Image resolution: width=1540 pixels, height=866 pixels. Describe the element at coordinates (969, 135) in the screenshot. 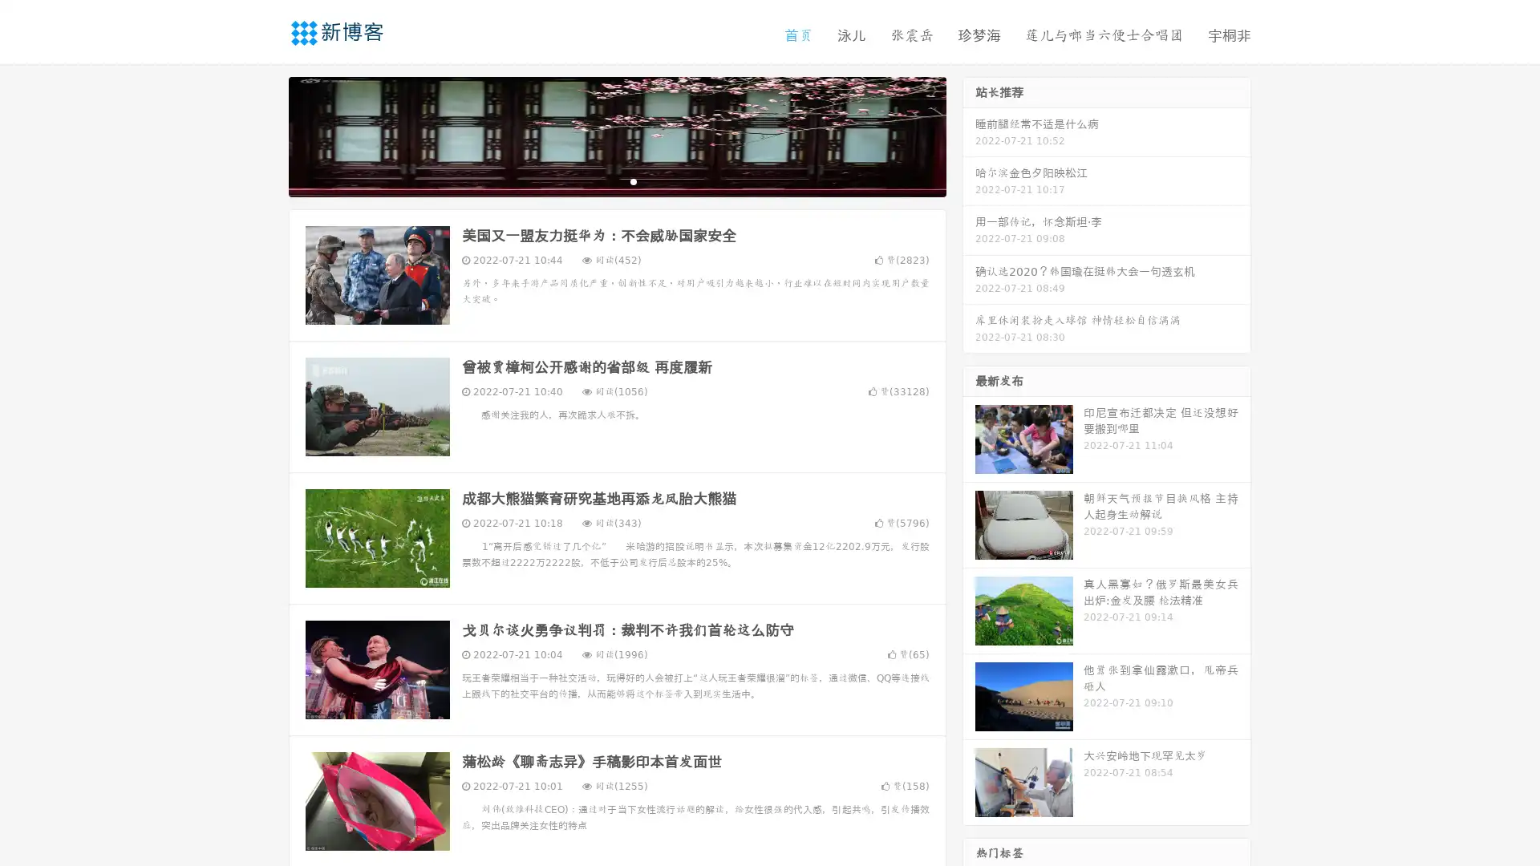

I see `Next slide` at that location.